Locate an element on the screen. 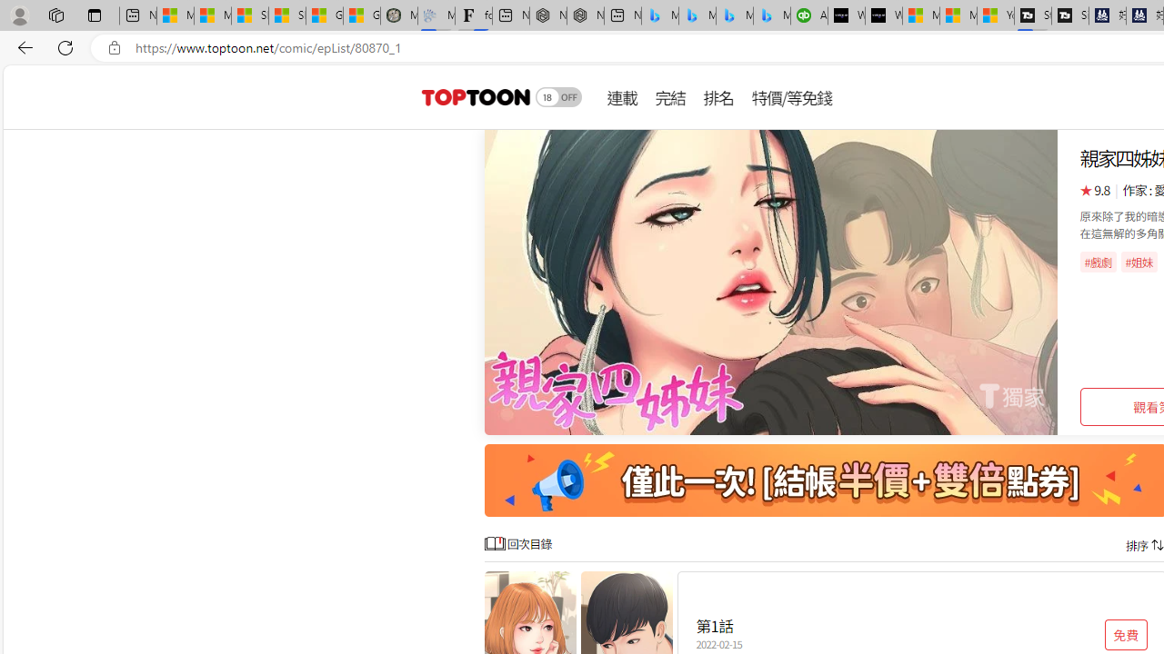 This screenshot has height=654, width=1164. 'View site information' is located at coordinates (114, 47).